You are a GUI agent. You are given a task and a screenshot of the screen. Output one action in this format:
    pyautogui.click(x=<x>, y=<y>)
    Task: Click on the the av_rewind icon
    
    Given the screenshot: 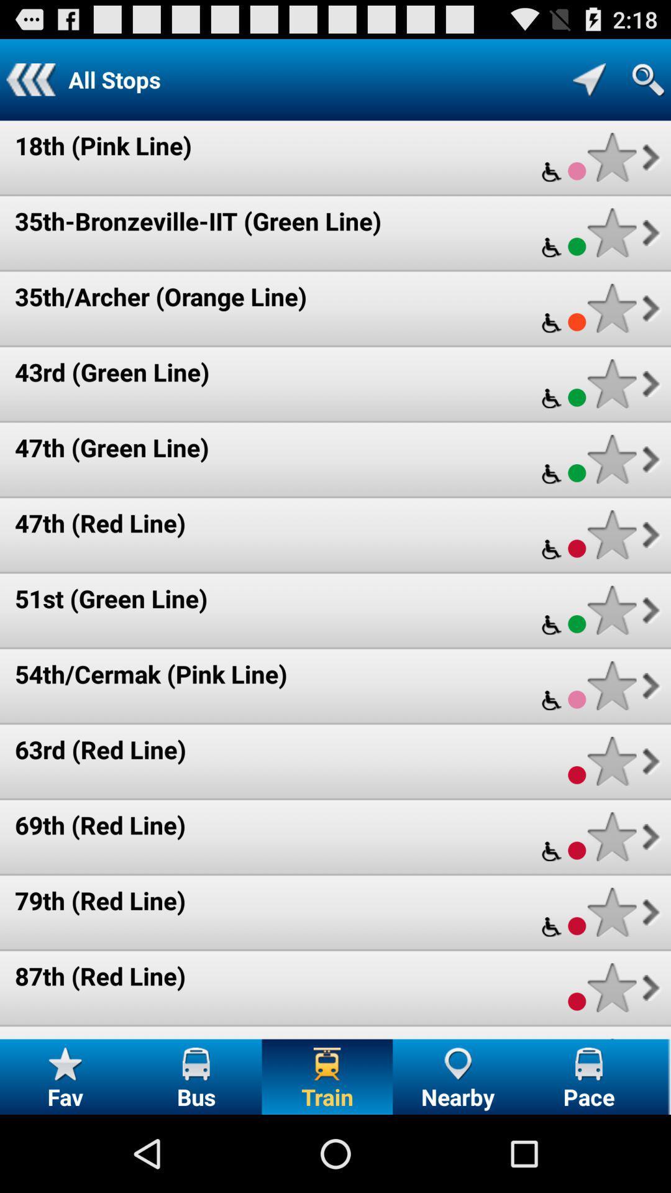 What is the action you would take?
    pyautogui.click(x=30, y=85)
    